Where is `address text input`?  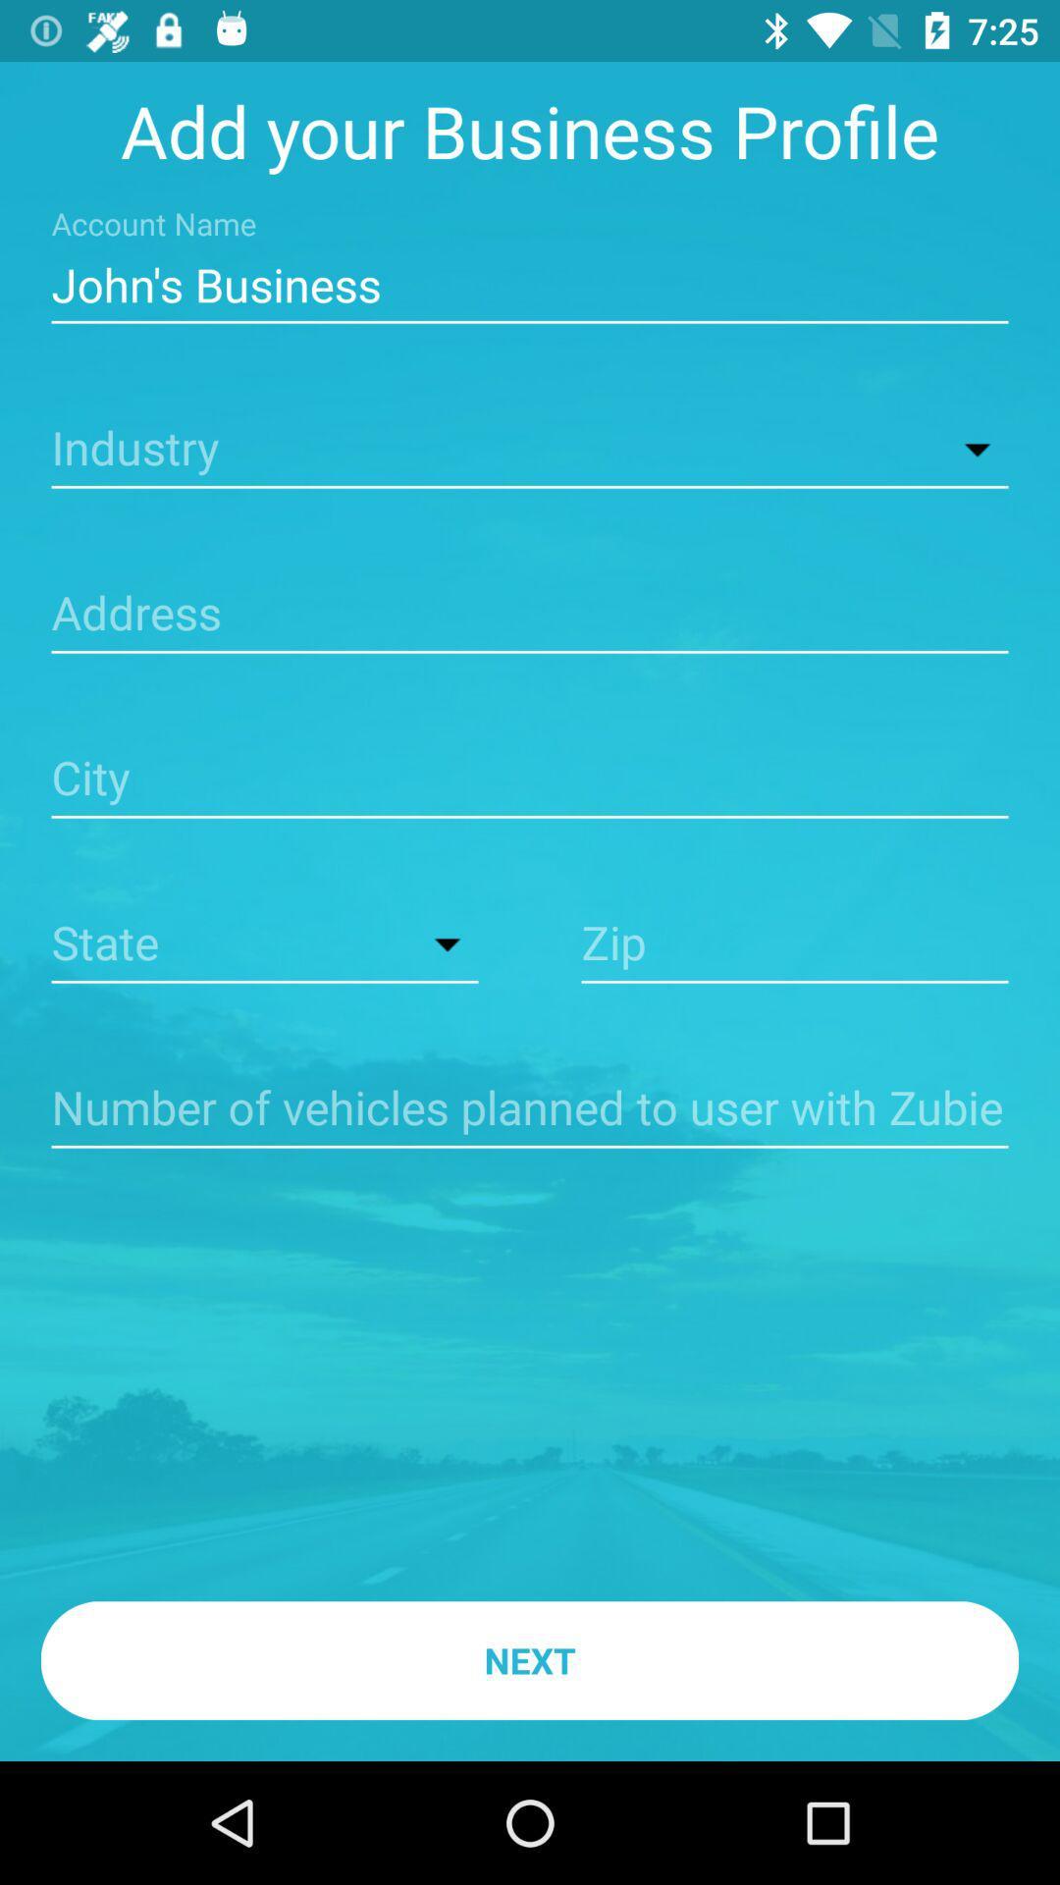 address text input is located at coordinates (530, 615).